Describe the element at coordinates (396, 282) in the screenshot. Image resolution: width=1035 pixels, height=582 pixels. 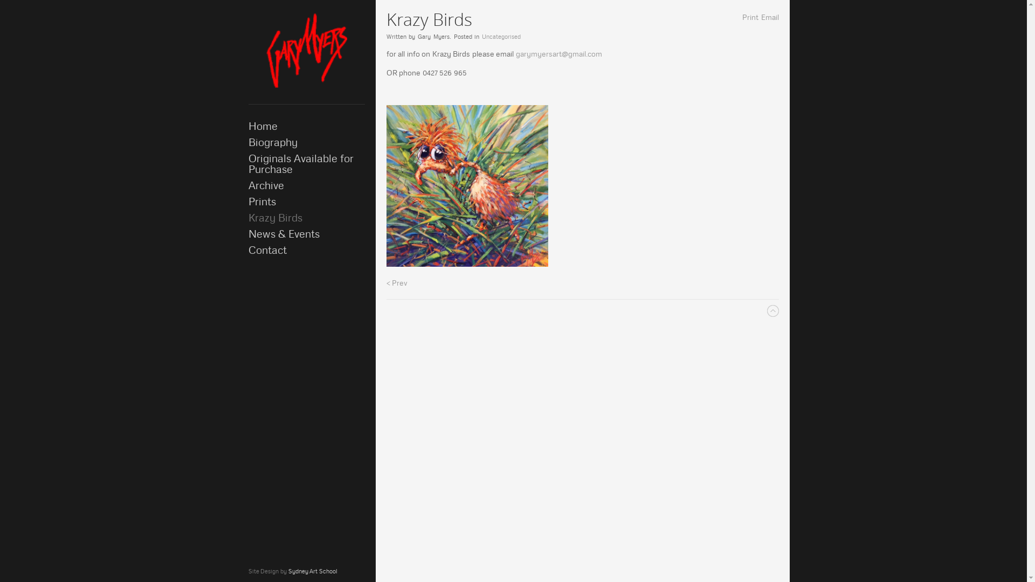
I see `'< Prev'` at that location.